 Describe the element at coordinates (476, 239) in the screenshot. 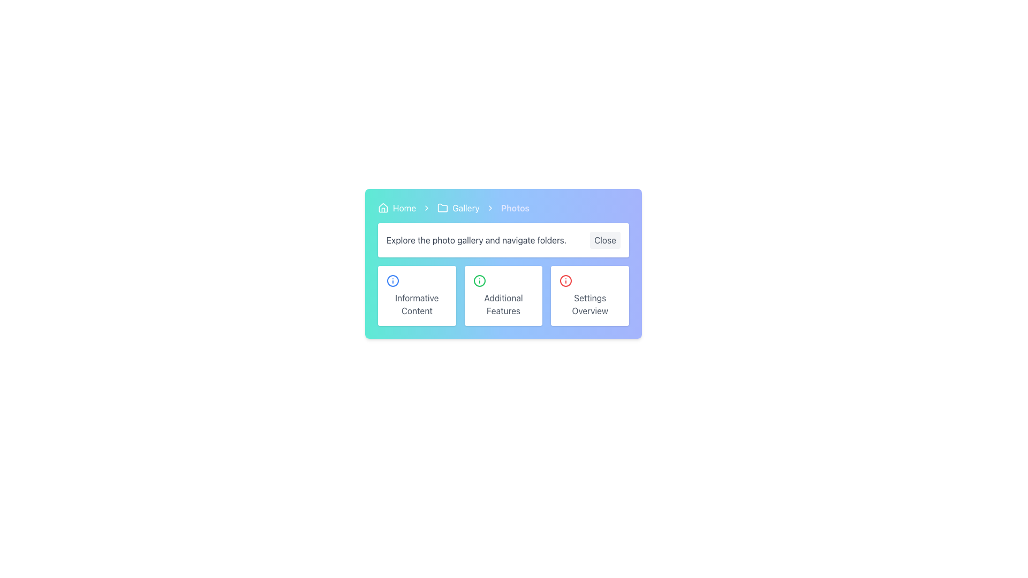

I see `the static text label displaying 'Explore the photo gallery and navigate folders.' which is positioned to the left of the 'Close' button` at that location.